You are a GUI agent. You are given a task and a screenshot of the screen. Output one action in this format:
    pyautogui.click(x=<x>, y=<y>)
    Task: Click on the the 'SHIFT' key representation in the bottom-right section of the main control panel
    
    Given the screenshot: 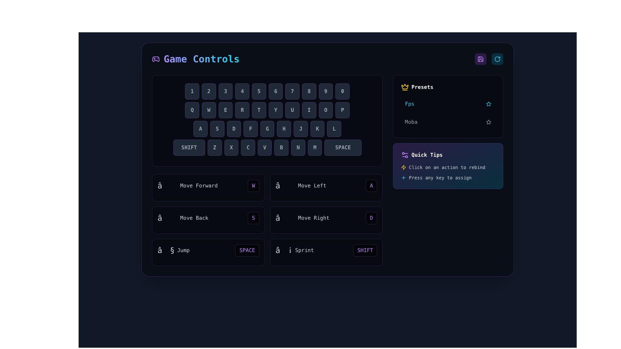 What is the action you would take?
    pyautogui.click(x=326, y=250)
    